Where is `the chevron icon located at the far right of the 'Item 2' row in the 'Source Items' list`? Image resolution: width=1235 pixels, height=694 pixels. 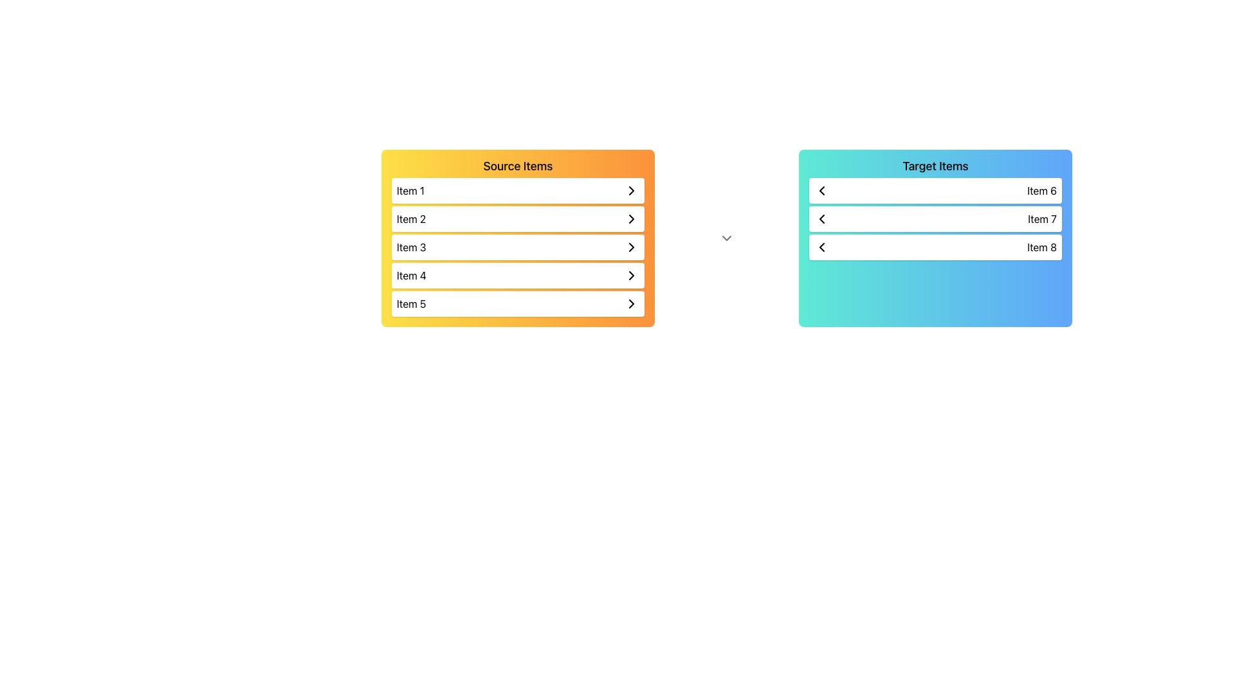
the chevron icon located at the far right of the 'Item 2' row in the 'Source Items' list is located at coordinates (631, 218).